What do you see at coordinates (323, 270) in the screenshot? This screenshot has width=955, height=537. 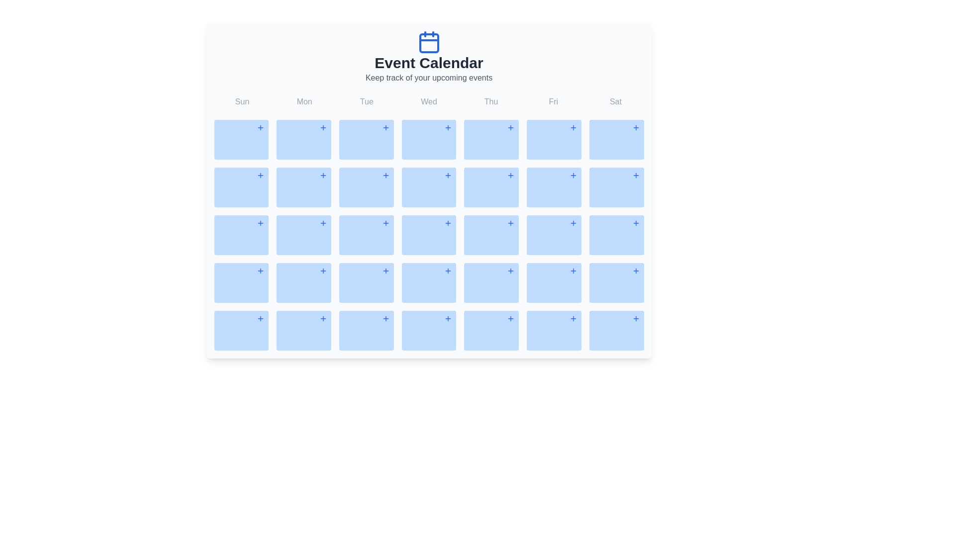 I see `the button in the fourth row and fourth column of the calendar` at bounding box center [323, 270].